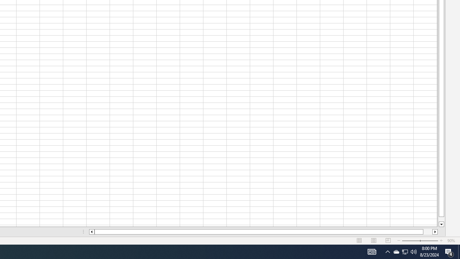 Image resolution: width=460 pixels, height=259 pixels. Describe the element at coordinates (435, 232) in the screenshot. I see `'Column right'` at that location.